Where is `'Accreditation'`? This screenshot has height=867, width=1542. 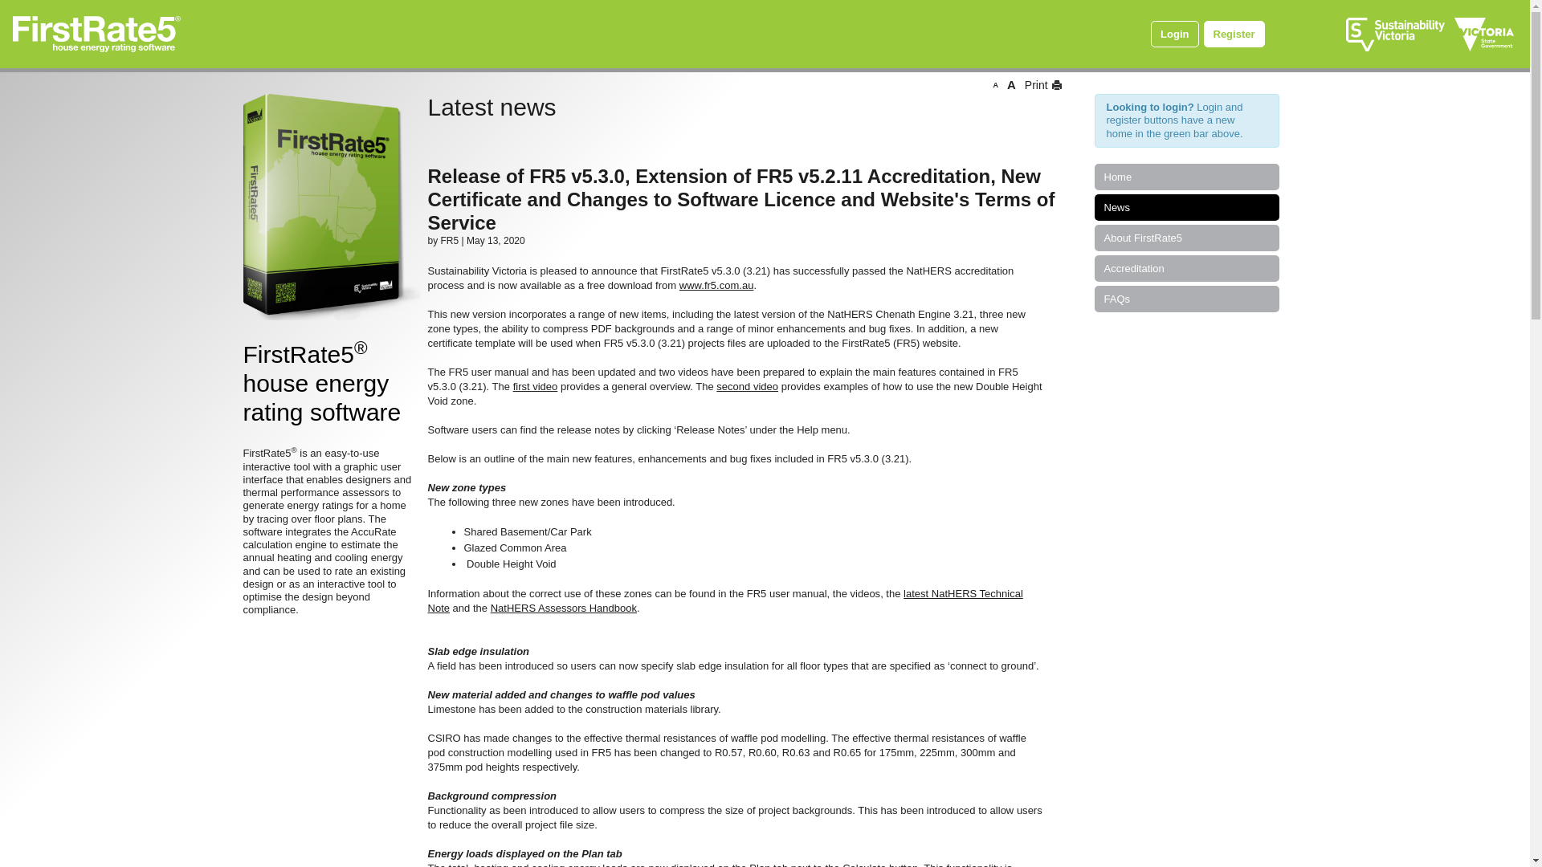 'Accreditation' is located at coordinates (1186, 267).